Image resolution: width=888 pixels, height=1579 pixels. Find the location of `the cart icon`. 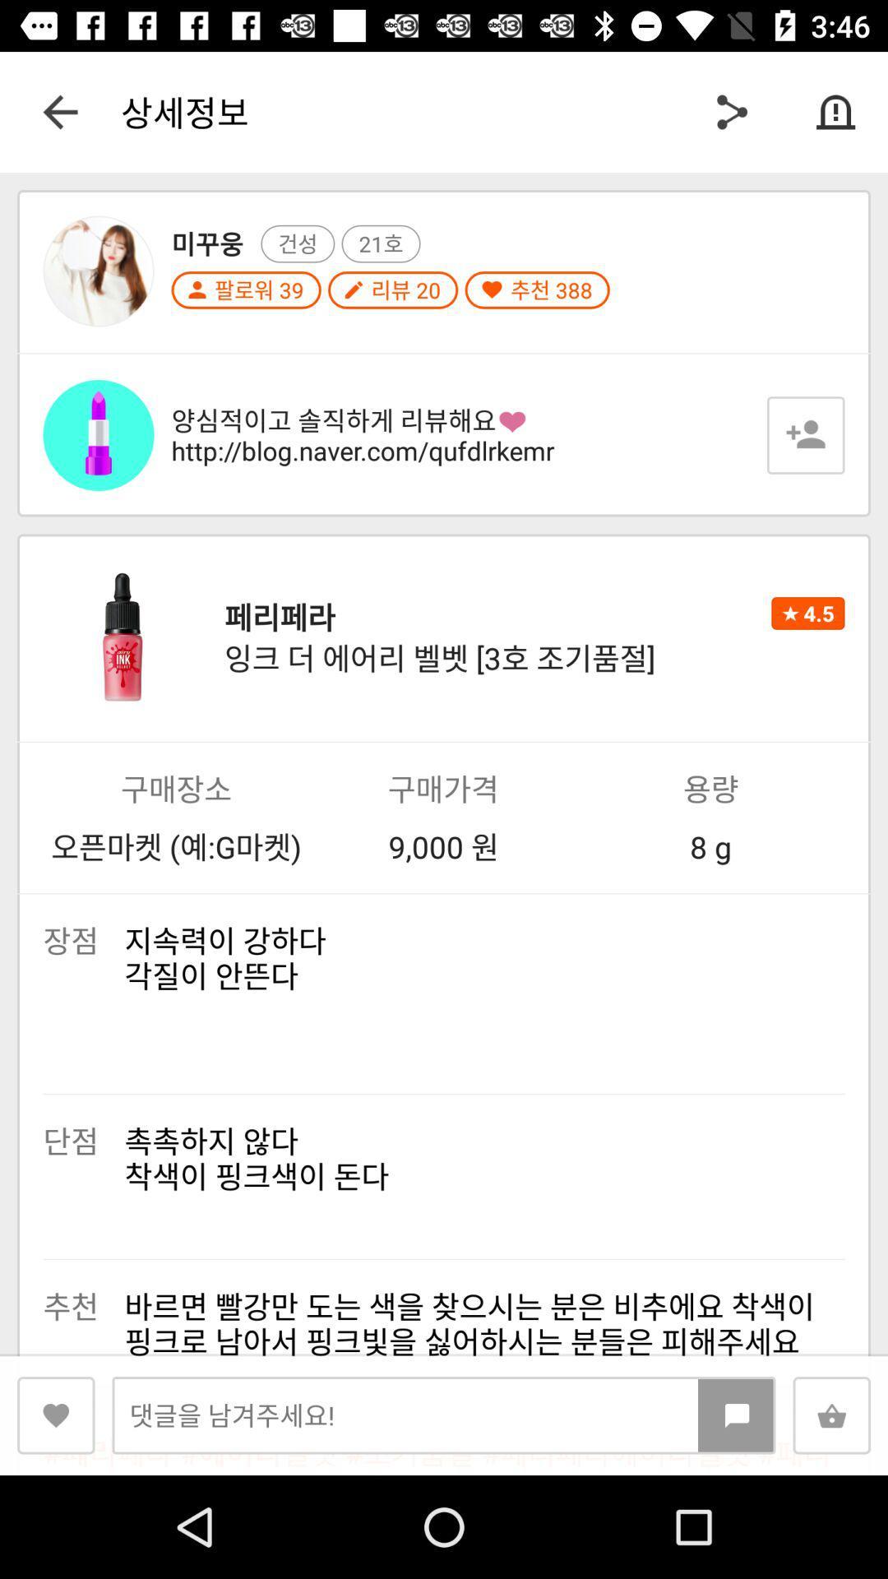

the cart icon is located at coordinates (831, 1415).